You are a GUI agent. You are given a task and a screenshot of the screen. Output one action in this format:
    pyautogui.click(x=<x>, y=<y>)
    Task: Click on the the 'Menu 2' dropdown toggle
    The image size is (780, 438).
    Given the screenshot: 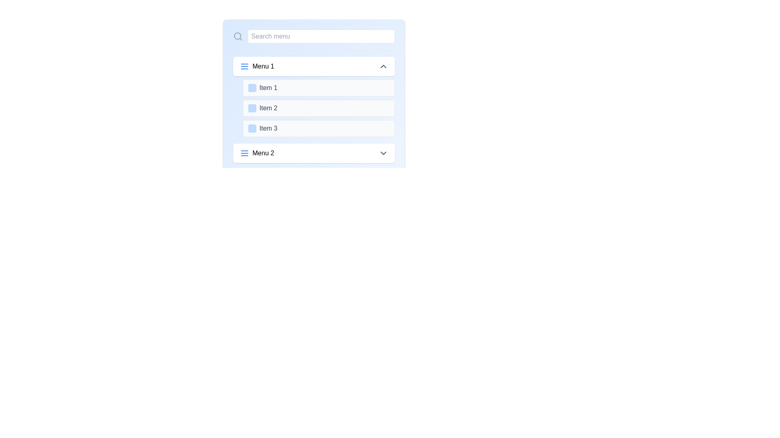 What is the action you would take?
    pyautogui.click(x=313, y=153)
    